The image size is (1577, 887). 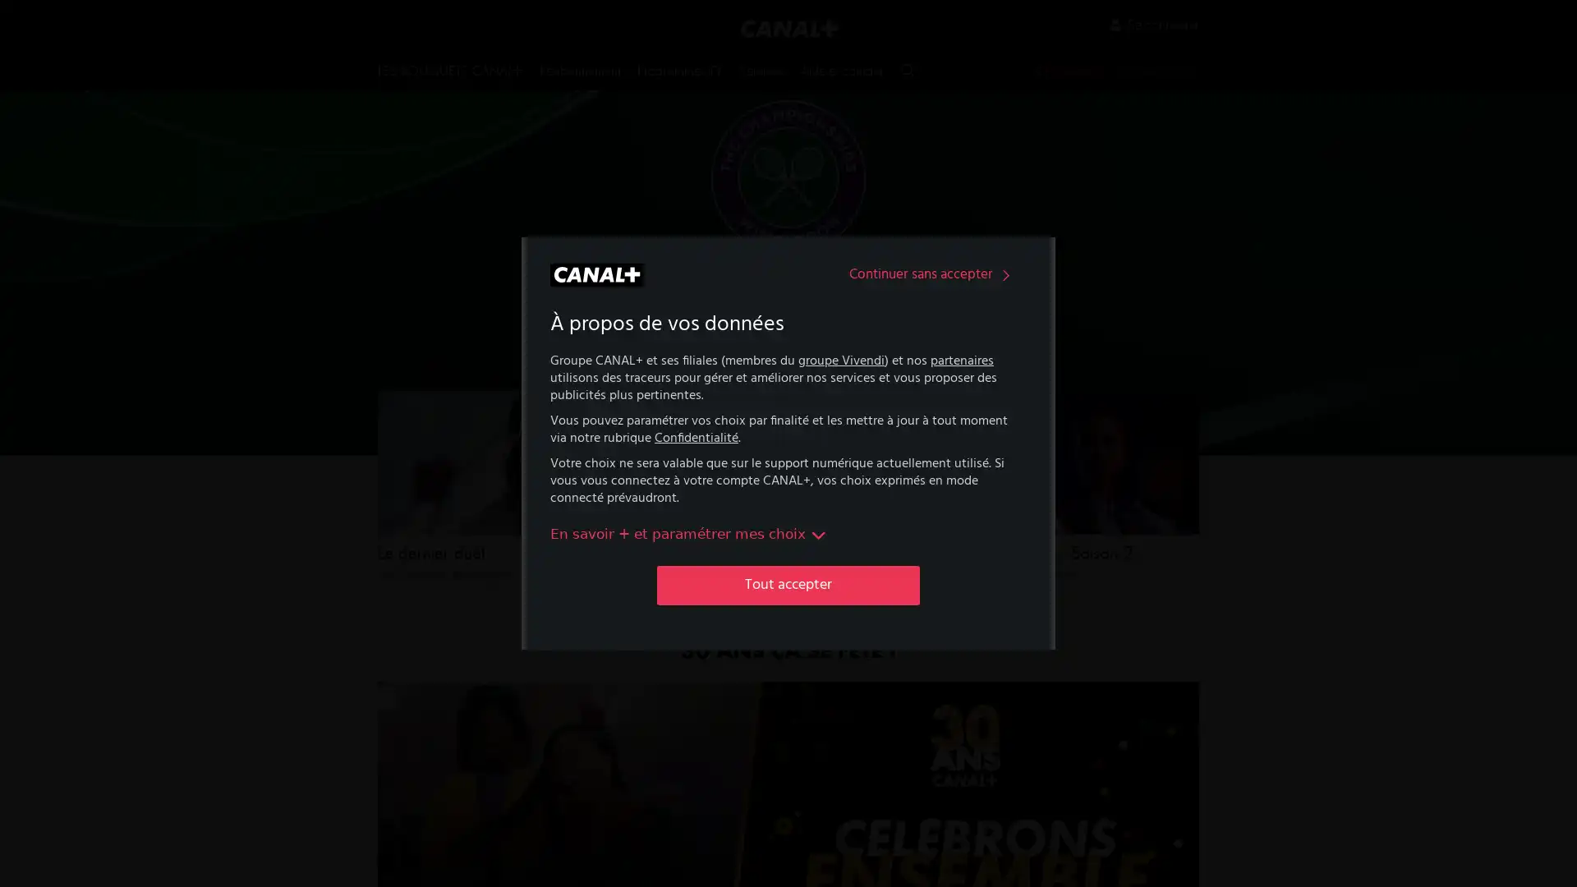 What do you see at coordinates (788, 482) in the screenshot?
I see `Guinee Bissau` at bounding box center [788, 482].